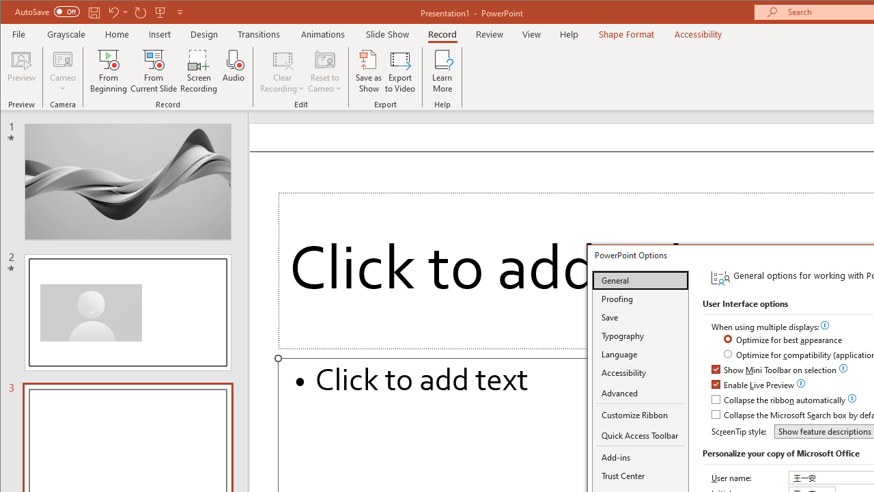 Image resolution: width=874 pixels, height=492 pixels. What do you see at coordinates (640, 457) in the screenshot?
I see `'Add-ins'` at bounding box center [640, 457].